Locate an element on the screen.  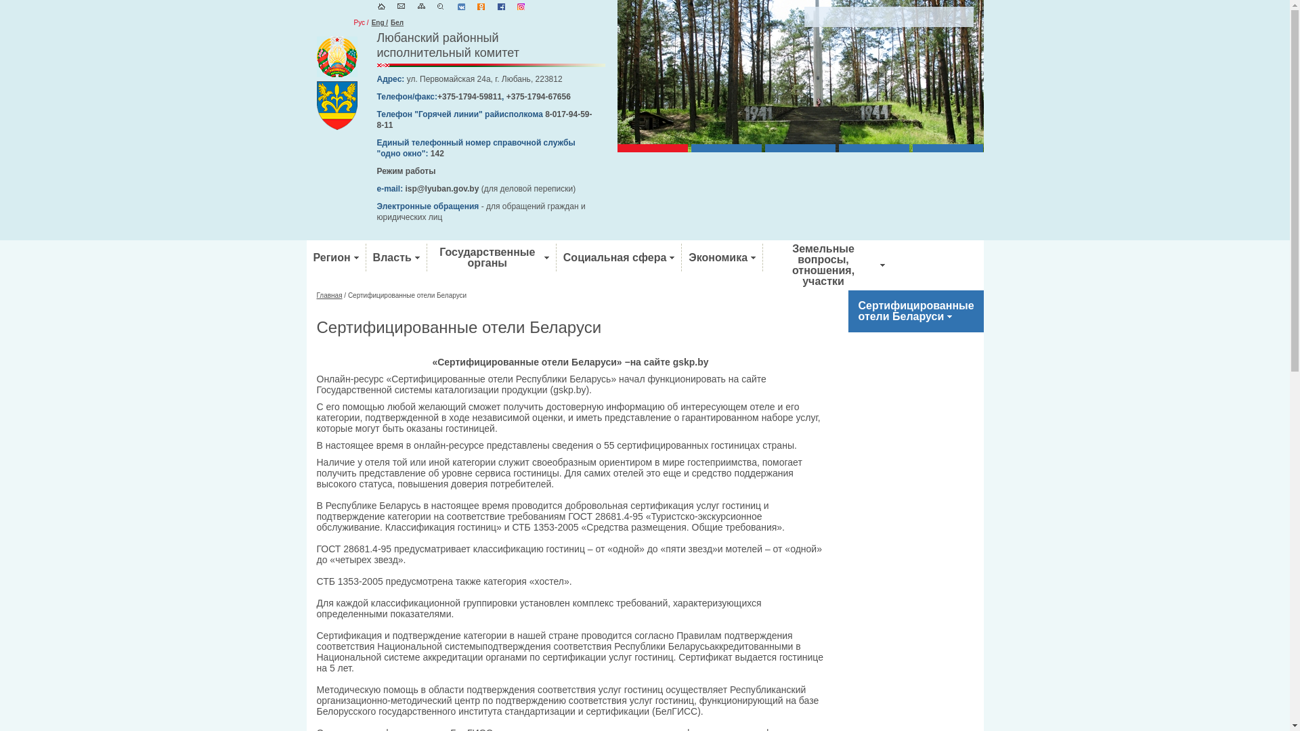
'isp@lyuban.gov.by' is located at coordinates (442, 188).